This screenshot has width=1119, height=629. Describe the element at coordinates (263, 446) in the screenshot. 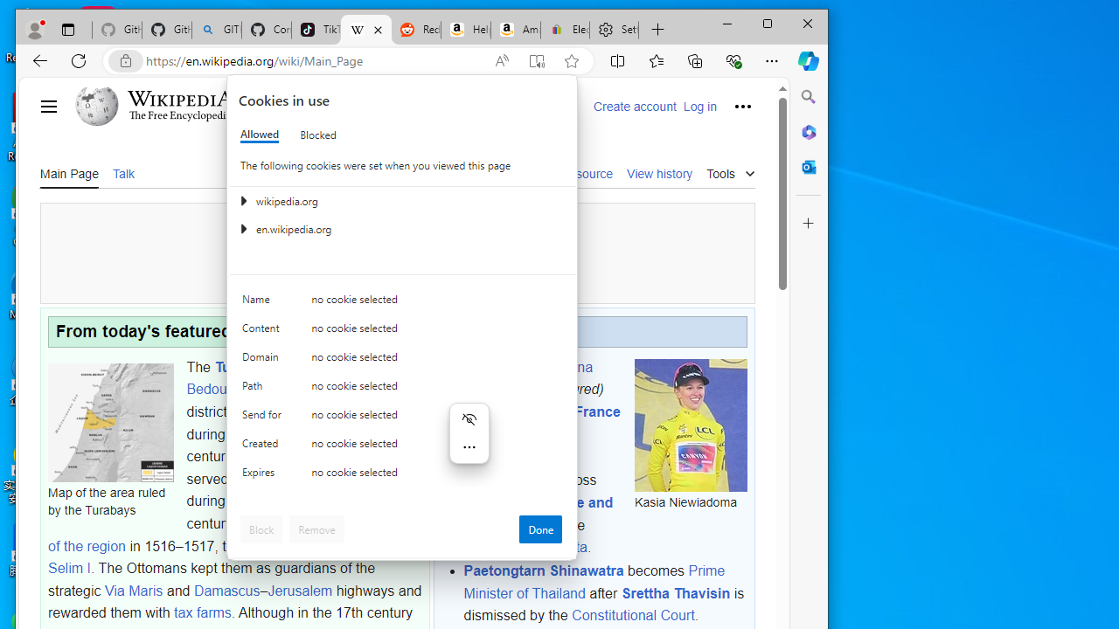

I see `'Created'` at that location.